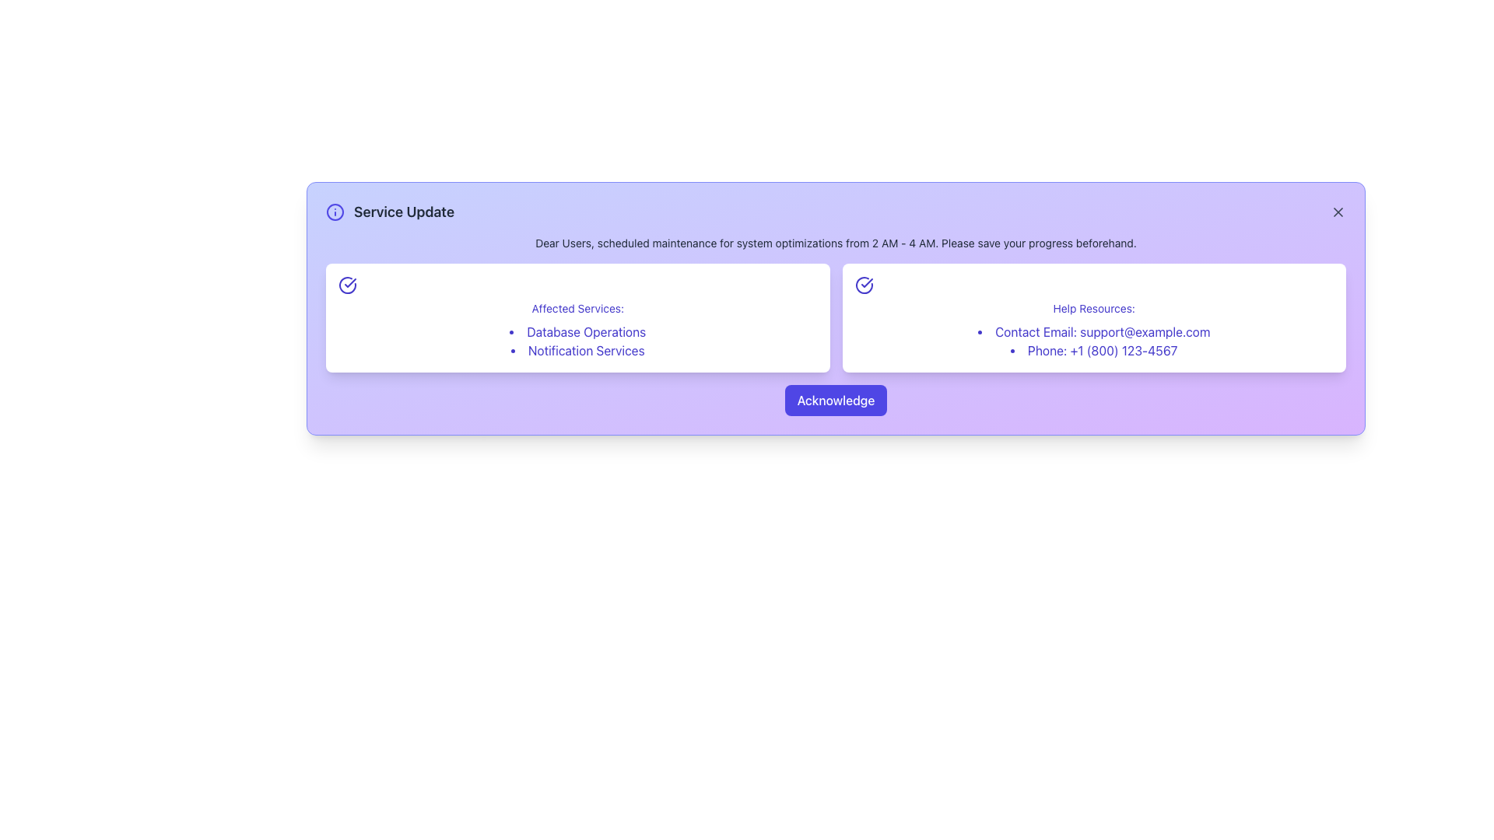 The height and width of the screenshot is (840, 1494). Describe the element at coordinates (1093, 309) in the screenshot. I see `the text label displaying 'Help Resources:' located in the upper section of the right panel within a double-column dialog box` at that location.